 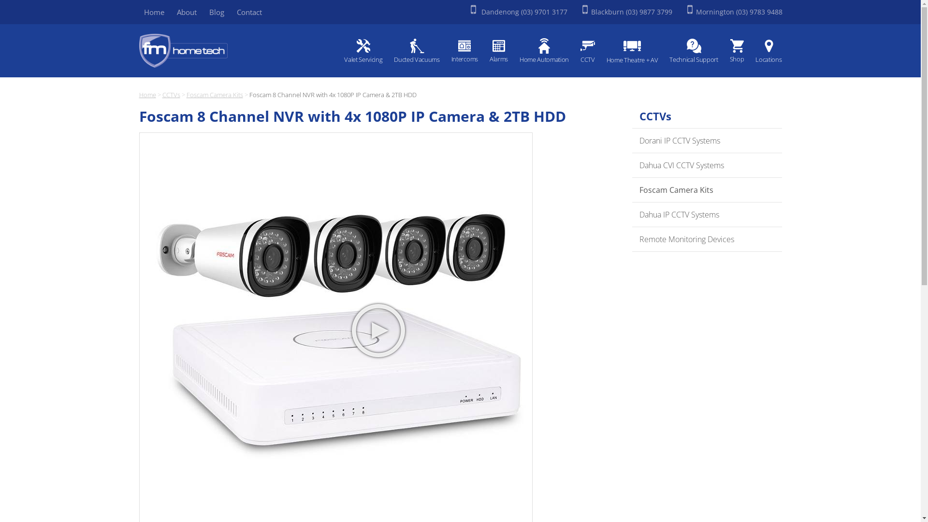 What do you see at coordinates (499, 12) in the screenshot?
I see `'Dandenong'` at bounding box center [499, 12].